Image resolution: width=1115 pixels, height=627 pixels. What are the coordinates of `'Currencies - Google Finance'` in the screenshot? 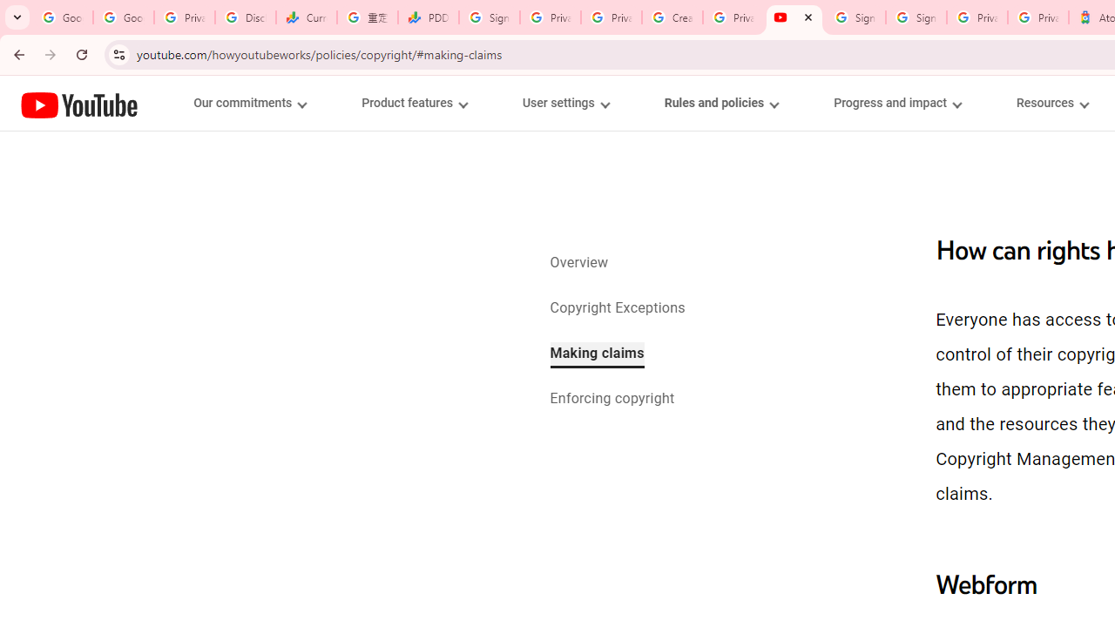 It's located at (307, 17).